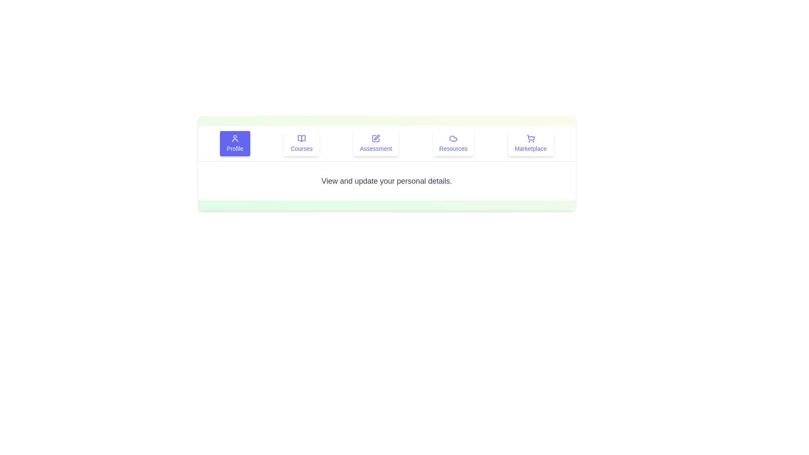 Image resolution: width=809 pixels, height=455 pixels. What do you see at coordinates (376, 137) in the screenshot?
I see `the editing icon in the 'Assessment' module located in the horizontal navigation menu bar, positioned between the 'Courses' and 'Resources' cards` at bounding box center [376, 137].